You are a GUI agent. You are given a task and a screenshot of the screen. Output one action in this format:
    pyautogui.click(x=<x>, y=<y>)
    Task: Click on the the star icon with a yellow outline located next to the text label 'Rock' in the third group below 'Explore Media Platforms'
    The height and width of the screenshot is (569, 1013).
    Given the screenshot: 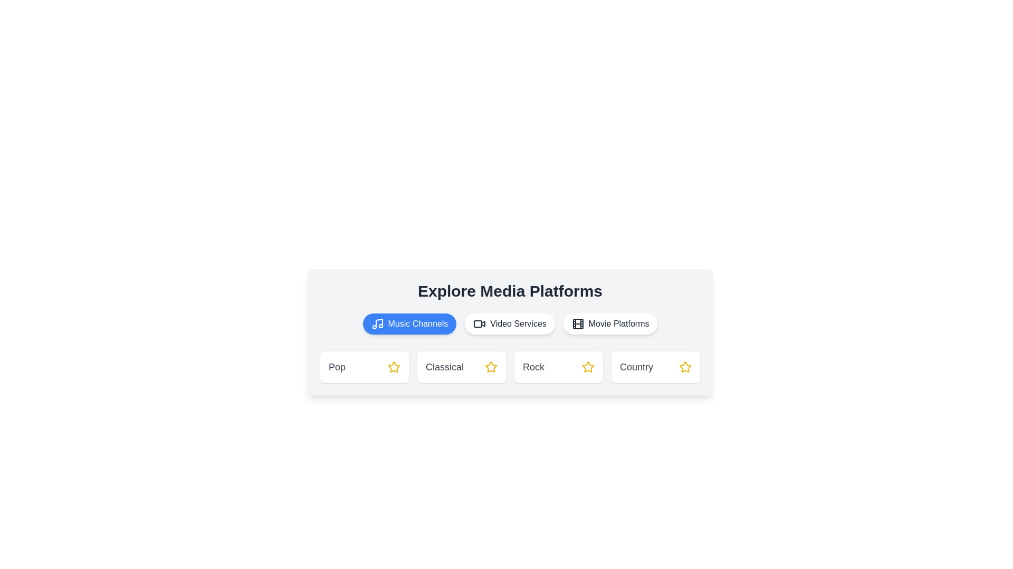 What is the action you would take?
    pyautogui.click(x=587, y=367)
    